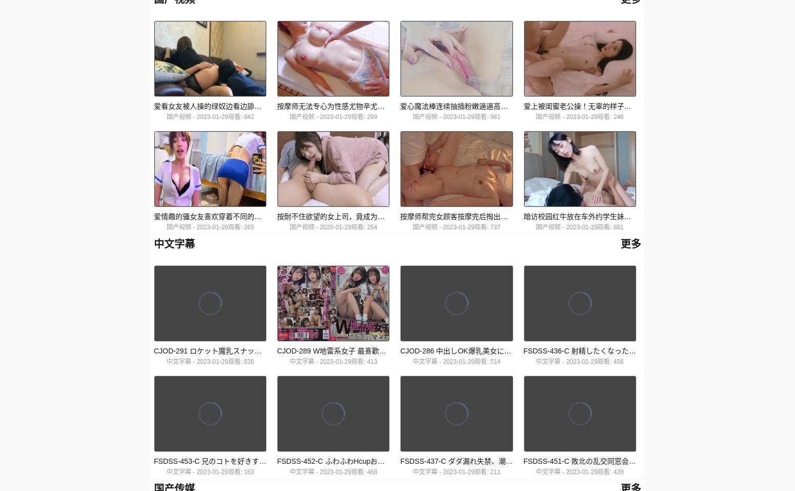  What do you see at coordinates (399, 350) in the screenshot?
I see `'CJOD-286 中出しOK爆乳美女にしっとり痴女られる囁き回春エステ 凪沙雪乃'` at bounding box center [399, 350].